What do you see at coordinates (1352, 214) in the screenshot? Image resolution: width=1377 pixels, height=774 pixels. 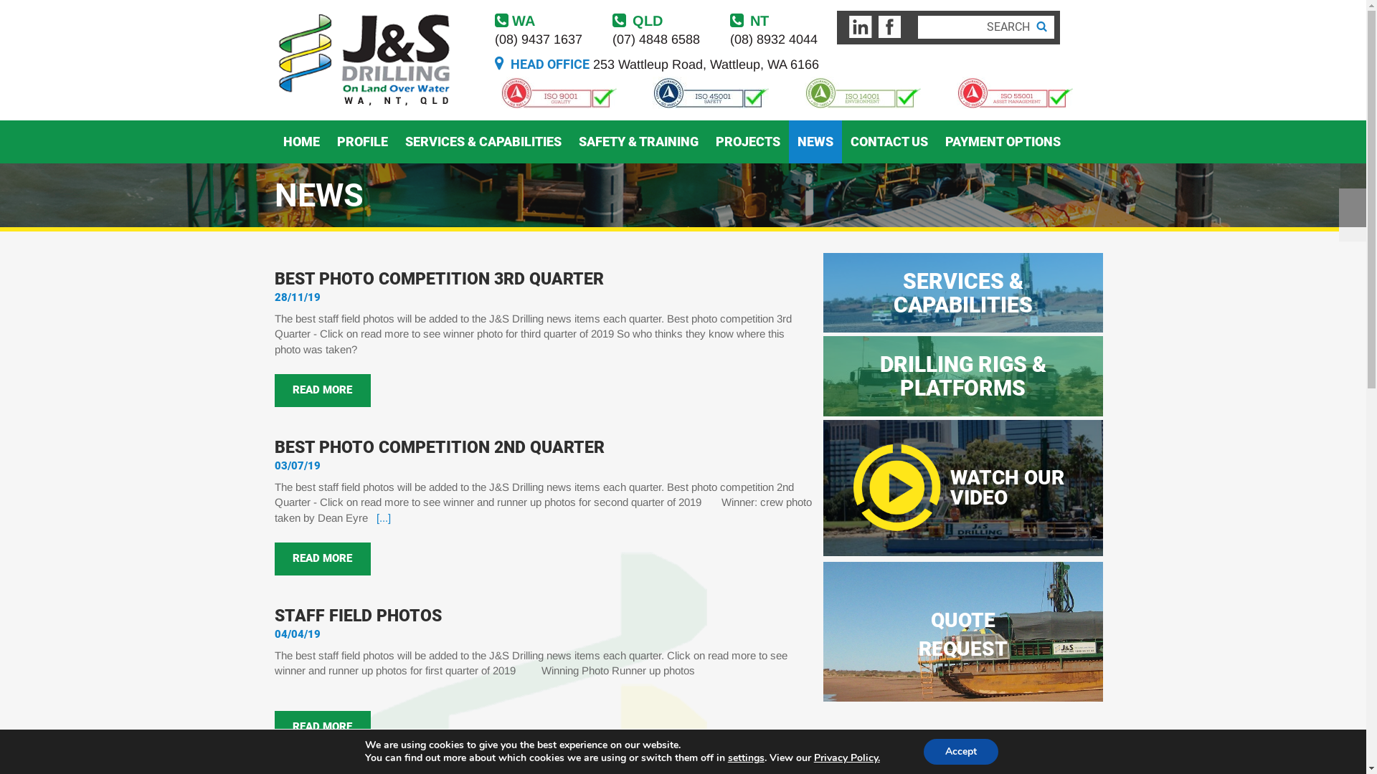 I see `'Next'` at bounding box center [1352, 214].